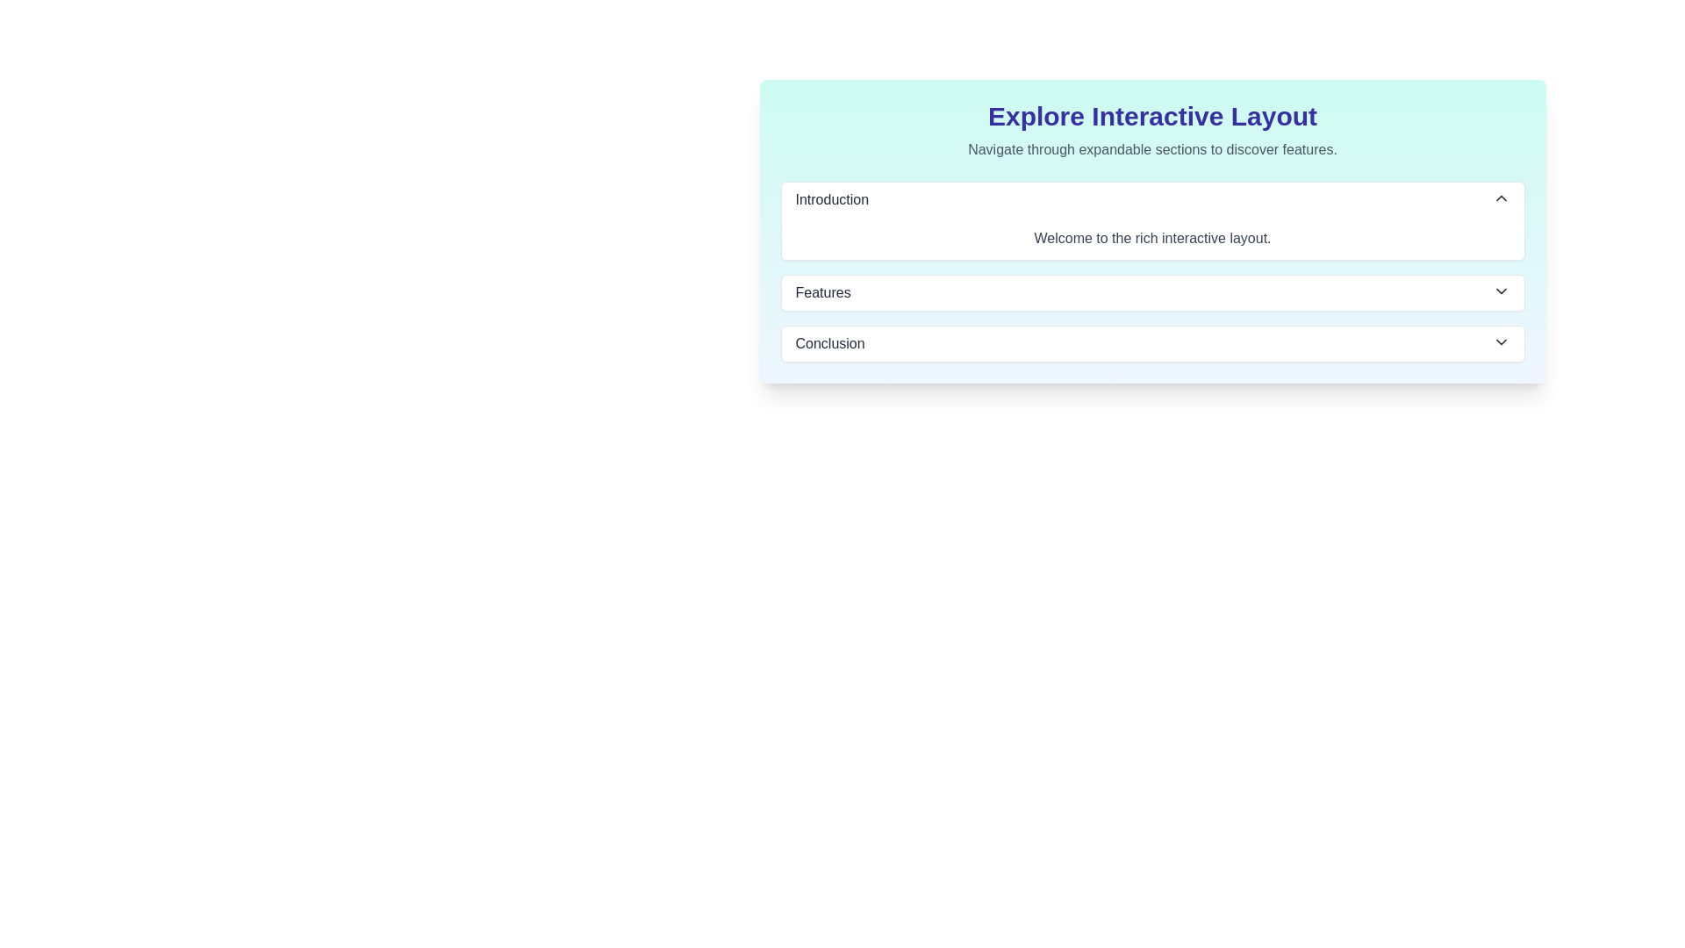 The image size is (1685, 948). What do you see at coordinates (1500, 290) in the screenshot?
I see `the Chevron Down Icon located to the right of the 'Features' button` at bounding box center [1500, 290].